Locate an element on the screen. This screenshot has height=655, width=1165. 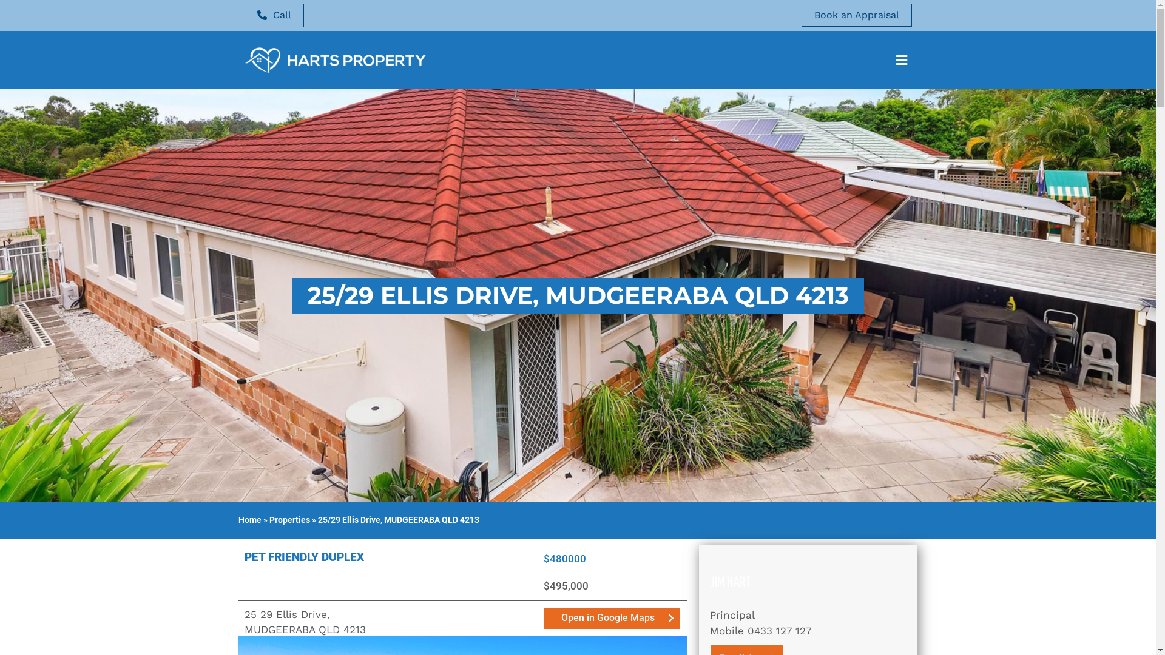
'Home' is located at coordinates (249, 519).